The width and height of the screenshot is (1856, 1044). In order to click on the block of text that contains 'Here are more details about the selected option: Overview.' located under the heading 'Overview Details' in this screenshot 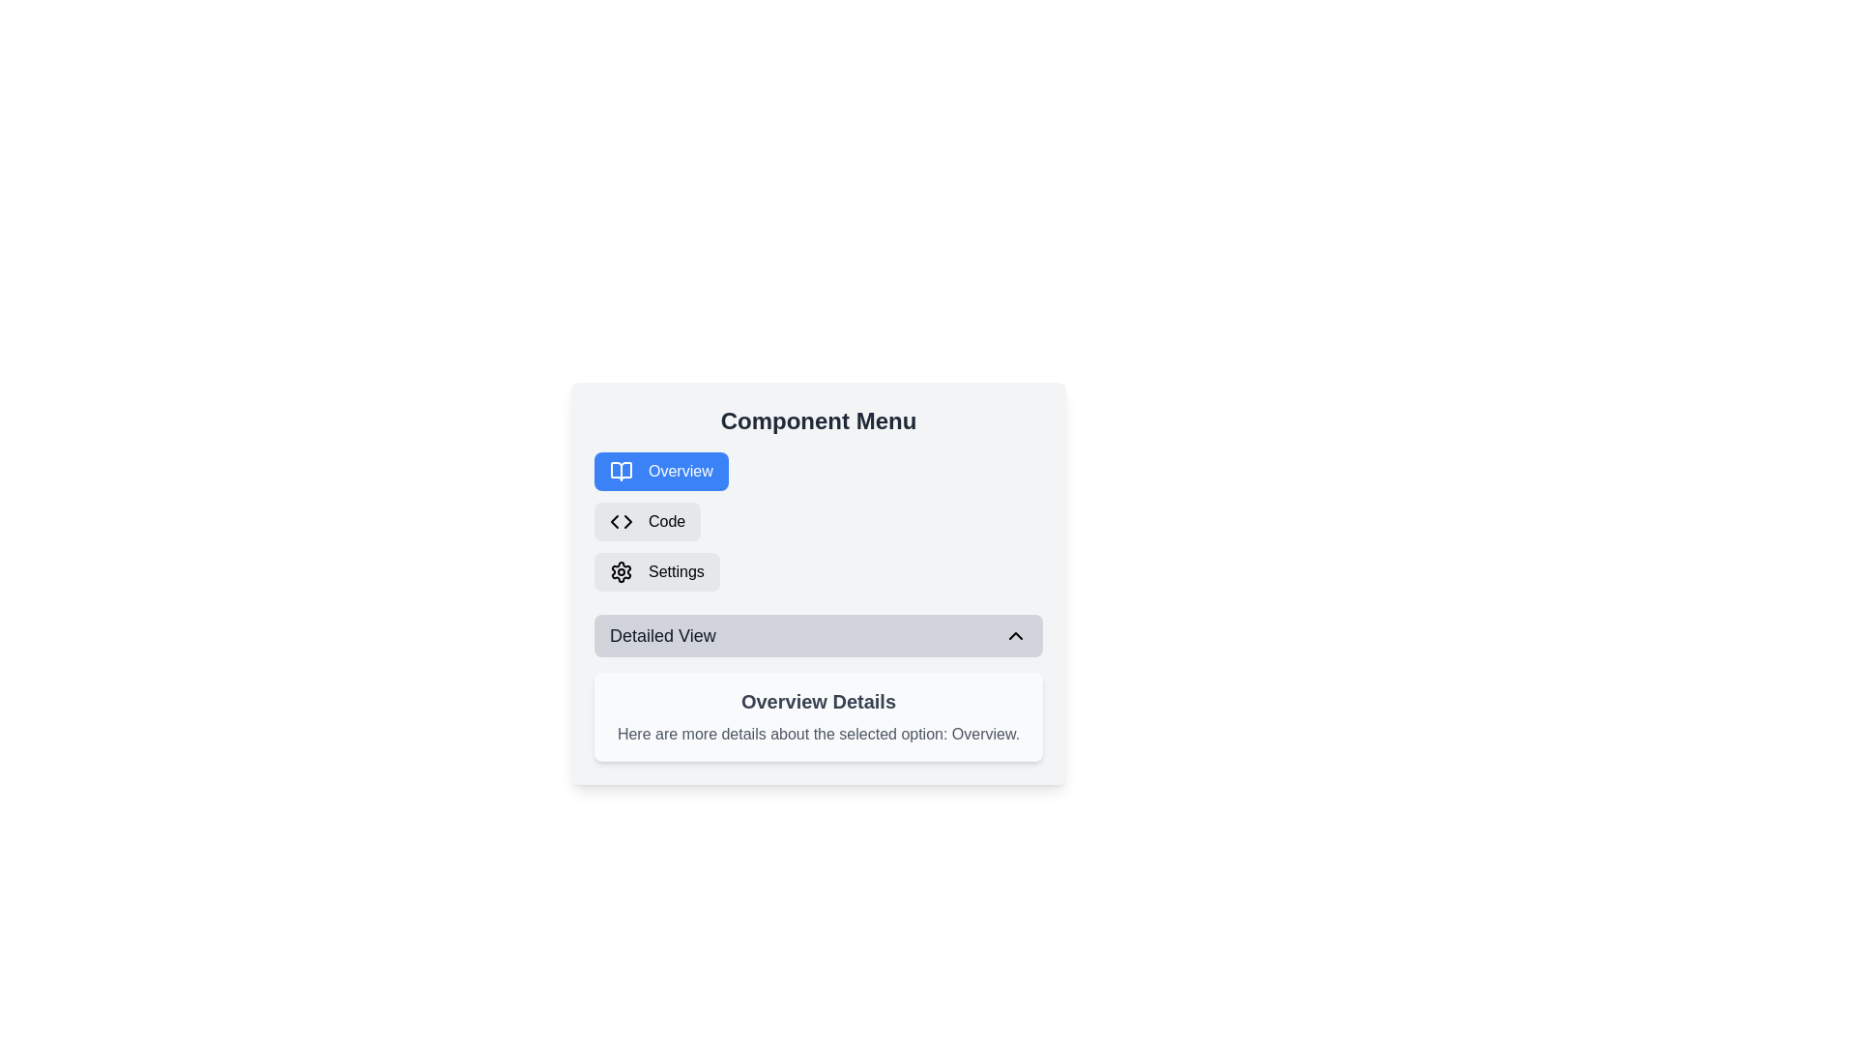, I will do `click(818, 734)`.